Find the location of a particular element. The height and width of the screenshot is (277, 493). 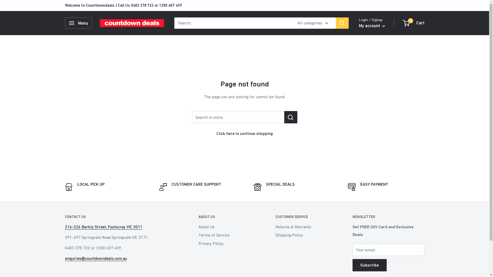

'216-226 Barkly Street, Footscray VIC 3011' is located at coordinates (103, 226).